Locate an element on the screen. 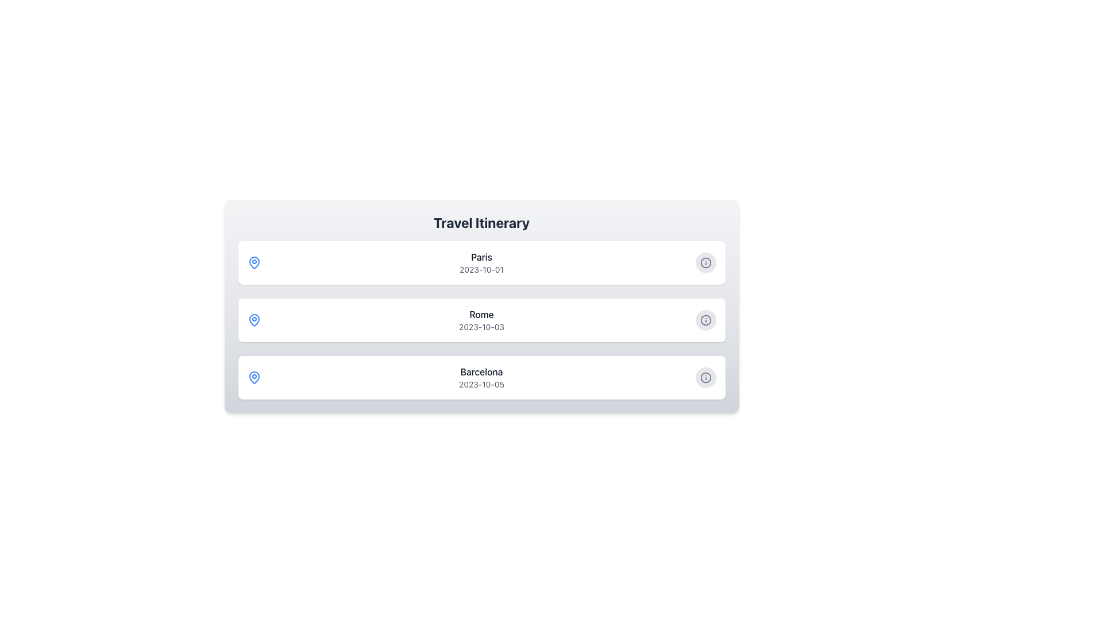  the text label displaying the date '2023-10-01' that is styled in gray and located below the 'Paris' label in the itinerary list is located at coordinates (481, 270).